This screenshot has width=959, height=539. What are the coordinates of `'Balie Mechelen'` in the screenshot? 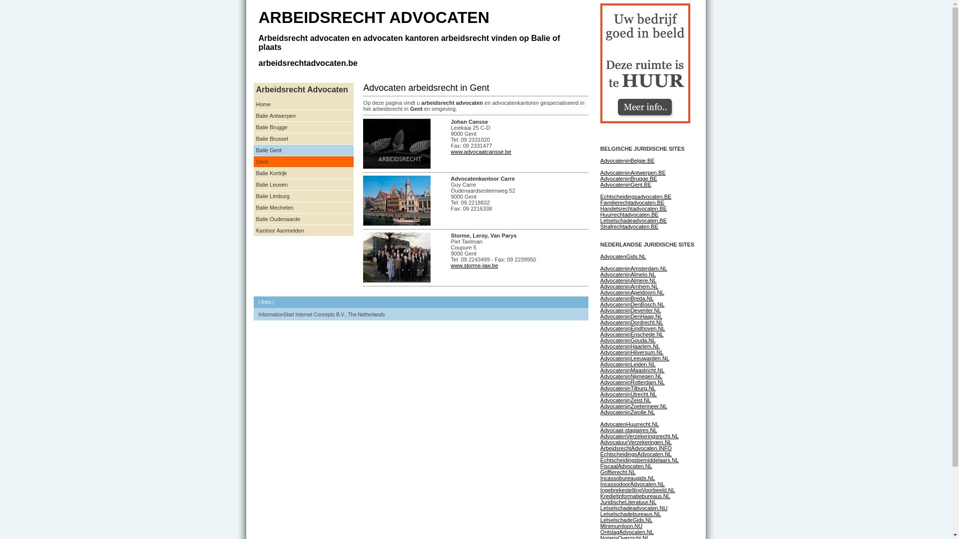 It's located at (303, 207).